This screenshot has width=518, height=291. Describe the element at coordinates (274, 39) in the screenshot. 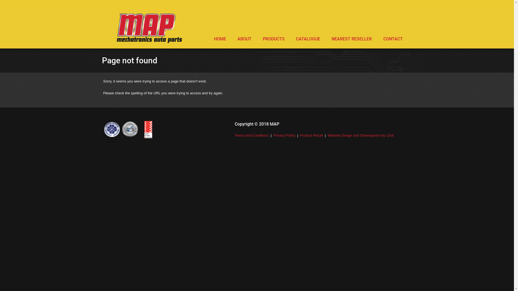

I see `'PRODUCTS'` at that location.